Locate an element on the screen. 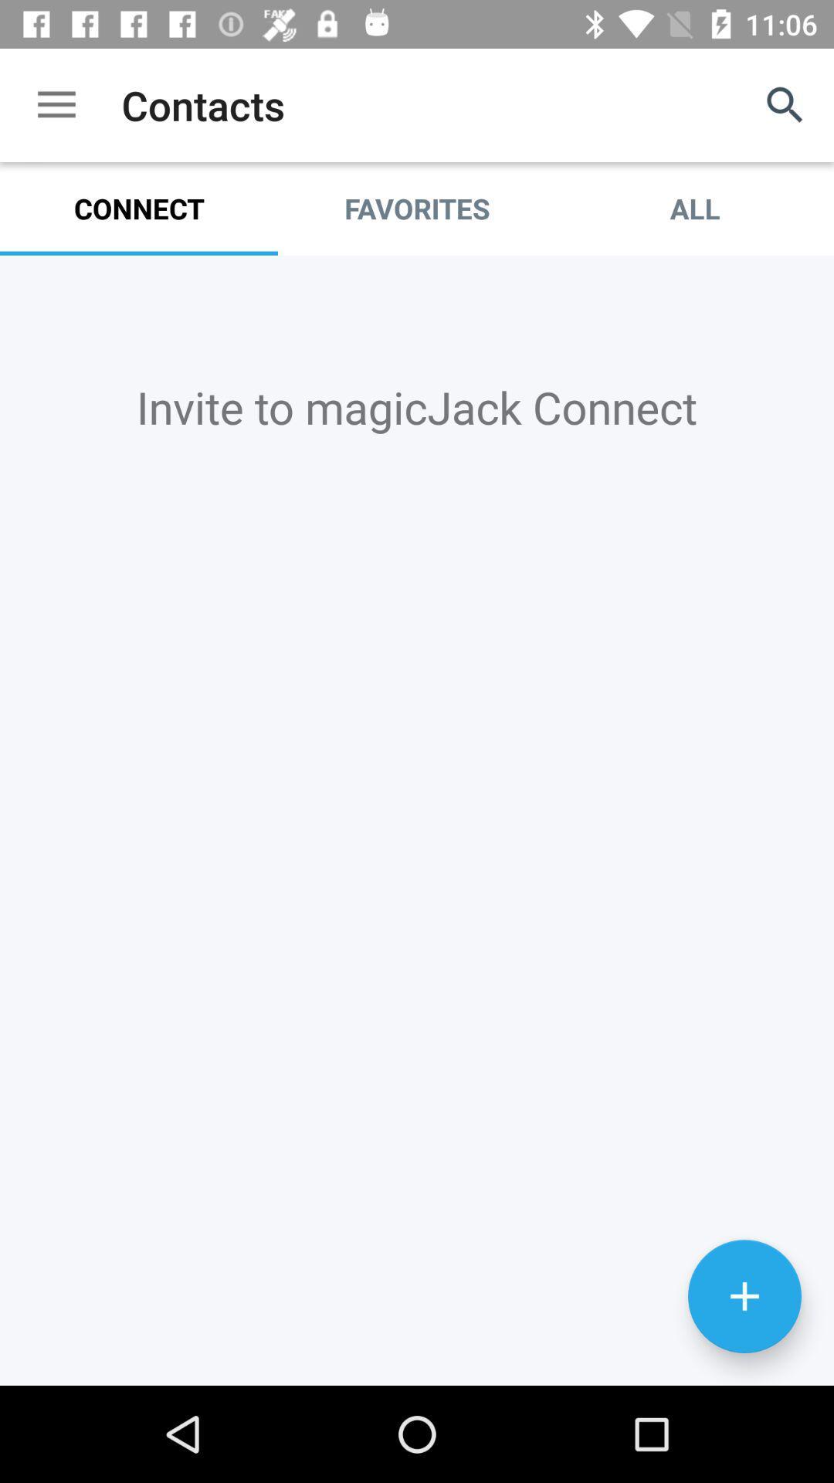 This screenshot has height=1483, width=834. invite contact is located at coordinates (744, 1296).